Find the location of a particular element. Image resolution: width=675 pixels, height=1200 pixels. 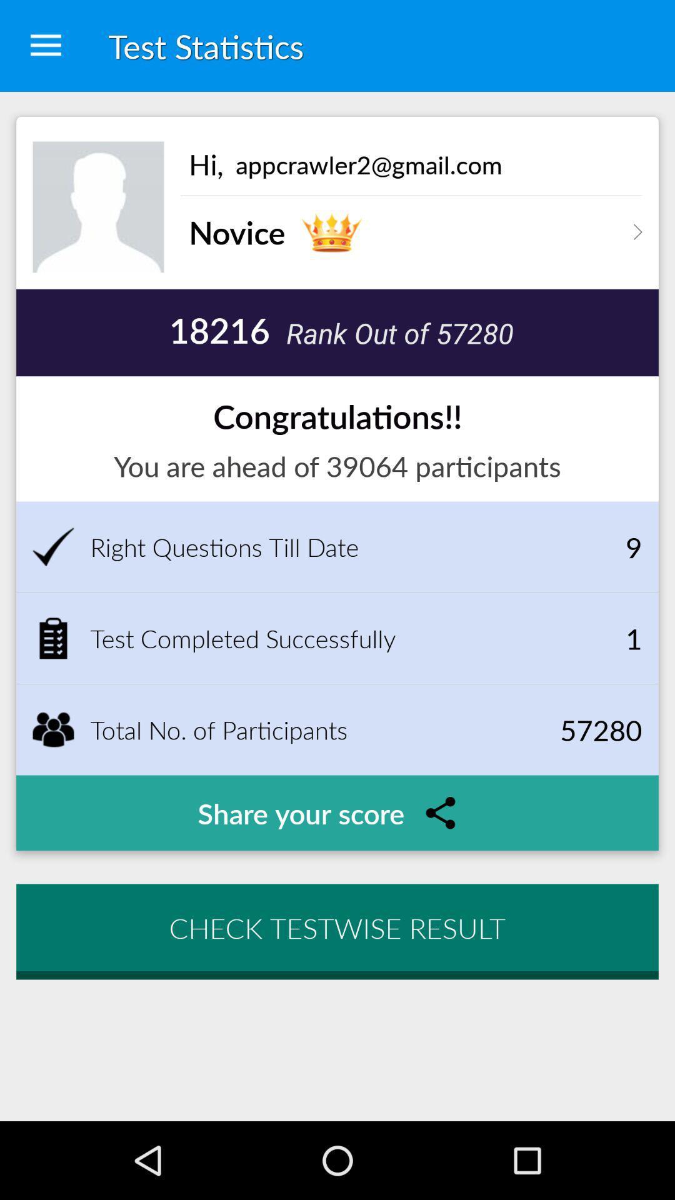

user icon is located at coordinates (98, 207).